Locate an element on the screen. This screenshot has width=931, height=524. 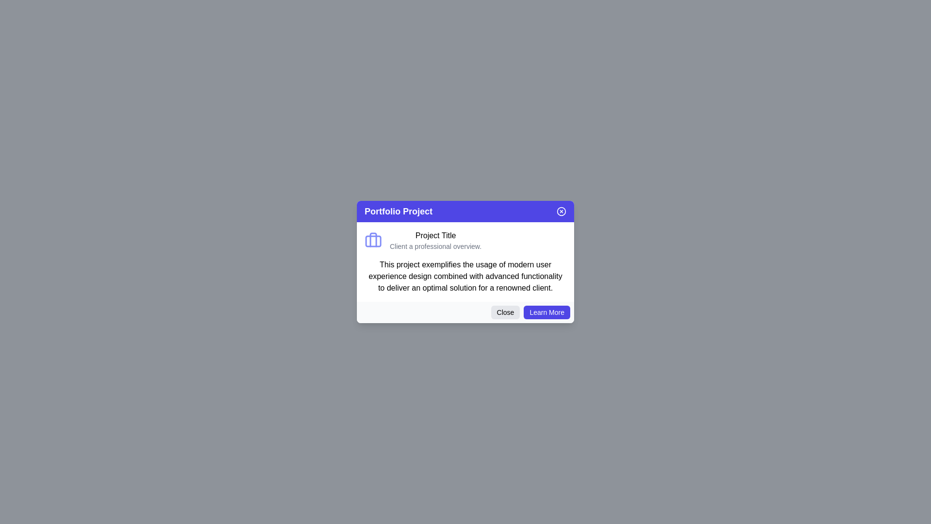
the small circular close icon located on the right side of the blue header titled 'Portfolio Project' is located at coordinates (561, 211).